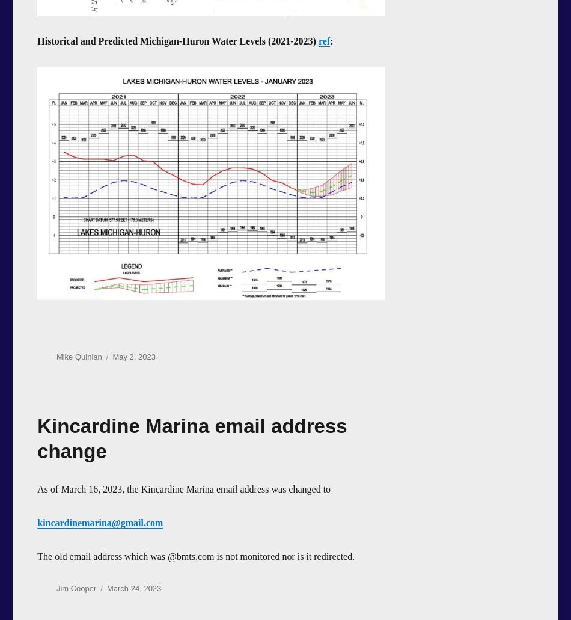 The width and height of the screenshot is (571, 620). Describe the element at coordinates (37, 40) in the screenshot. I see `'Historical and Predicted Michigan-Huron Water Levels (2021-2023)'` at that location.